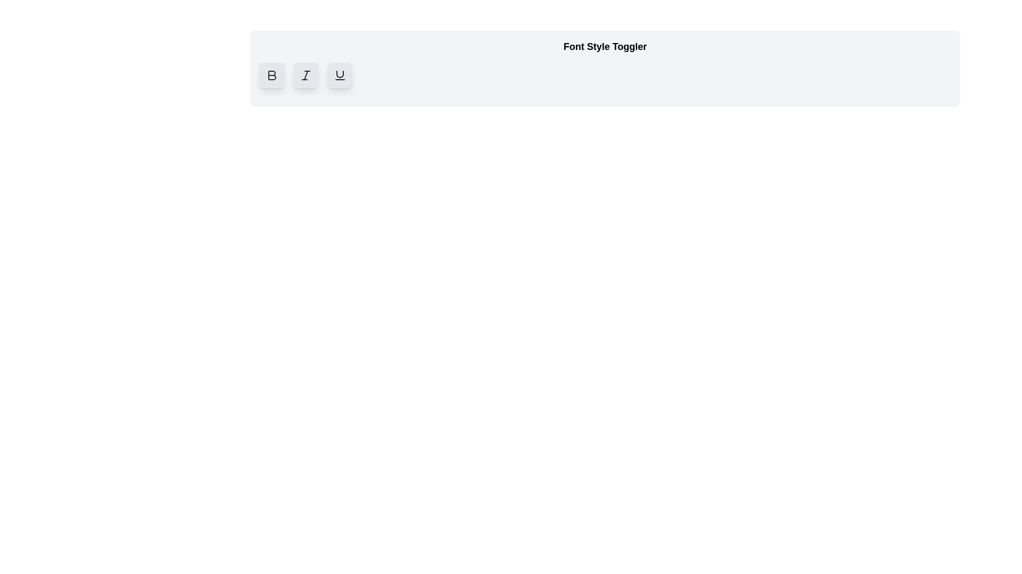 The height and width of the screenshot is (574, 1022). What do you see at coordinates (271, 75) in the screenshot?
I see `the rounded rectangular button with a light gray background and a bold 'B' icon to observe the scaling effect` at bounding box center [271, 75].